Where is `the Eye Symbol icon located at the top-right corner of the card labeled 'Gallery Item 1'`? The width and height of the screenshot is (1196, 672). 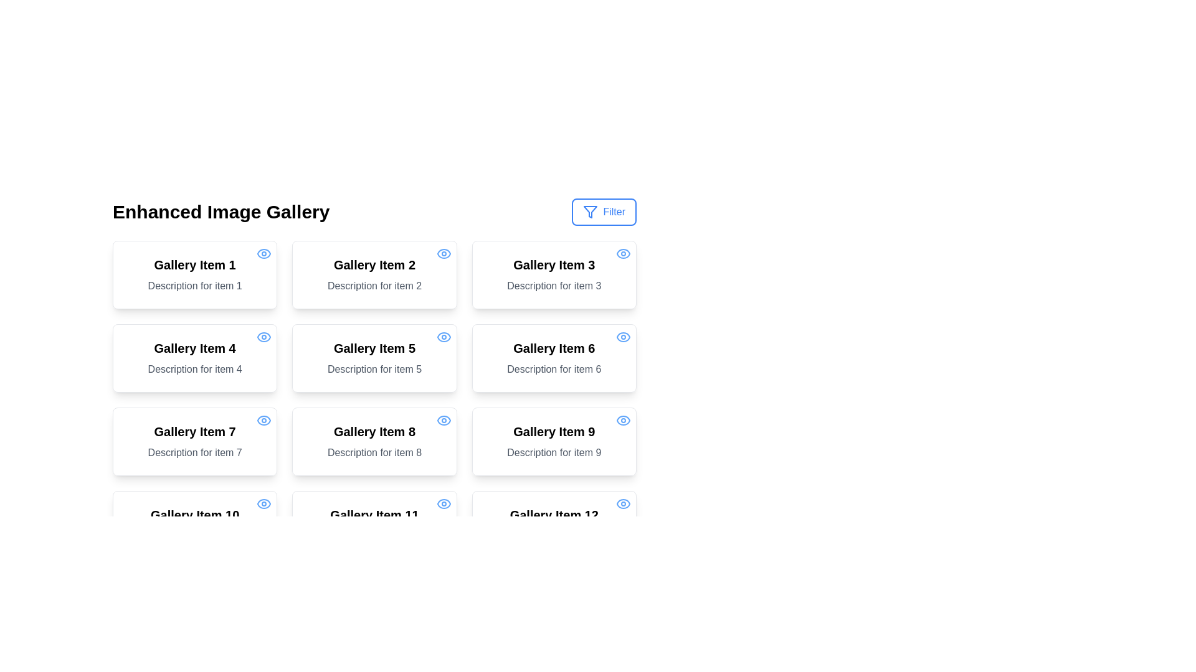 the Eye Symbol icon located at the top-right corner of the card labeled 'Gallery Item 1' is located at coordinates (263, 253).